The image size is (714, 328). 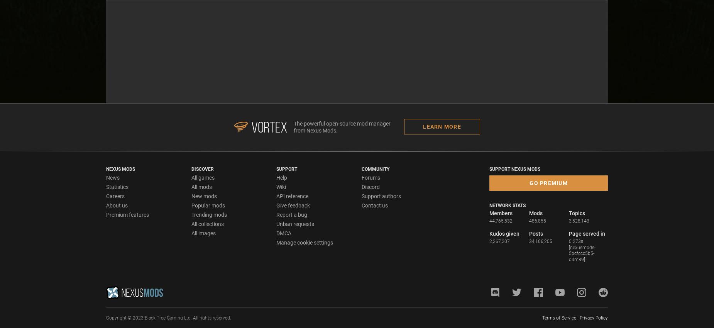 What do you see at coordinates (374, 205) in the screenshot?
I see `'Contact us'` at bounding box center [374, 205].